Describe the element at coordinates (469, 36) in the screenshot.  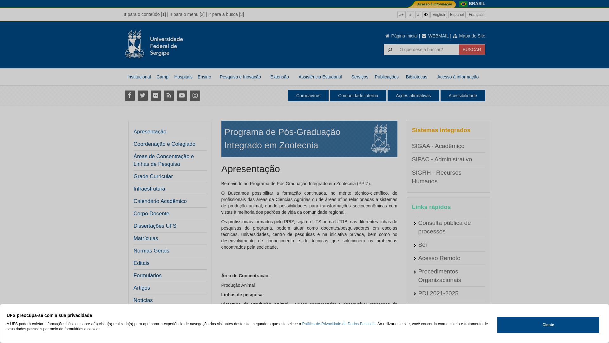
I see `'Mapa do Site'` at that location.